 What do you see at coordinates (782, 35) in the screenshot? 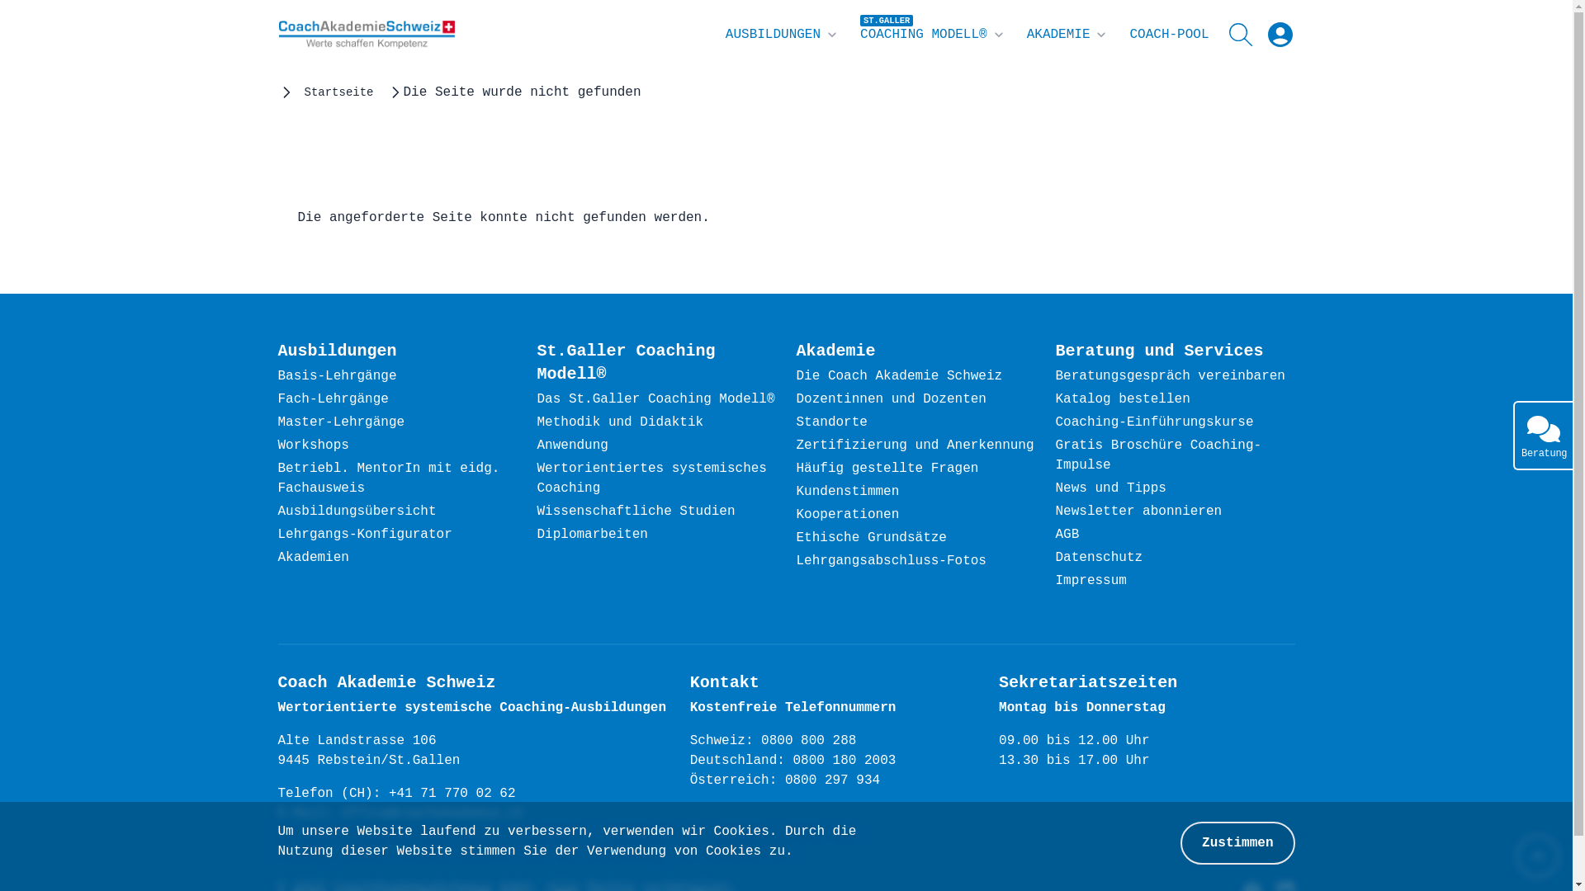
I see `'AUSBILDUNGEN'` at bounding box center [782, 35].